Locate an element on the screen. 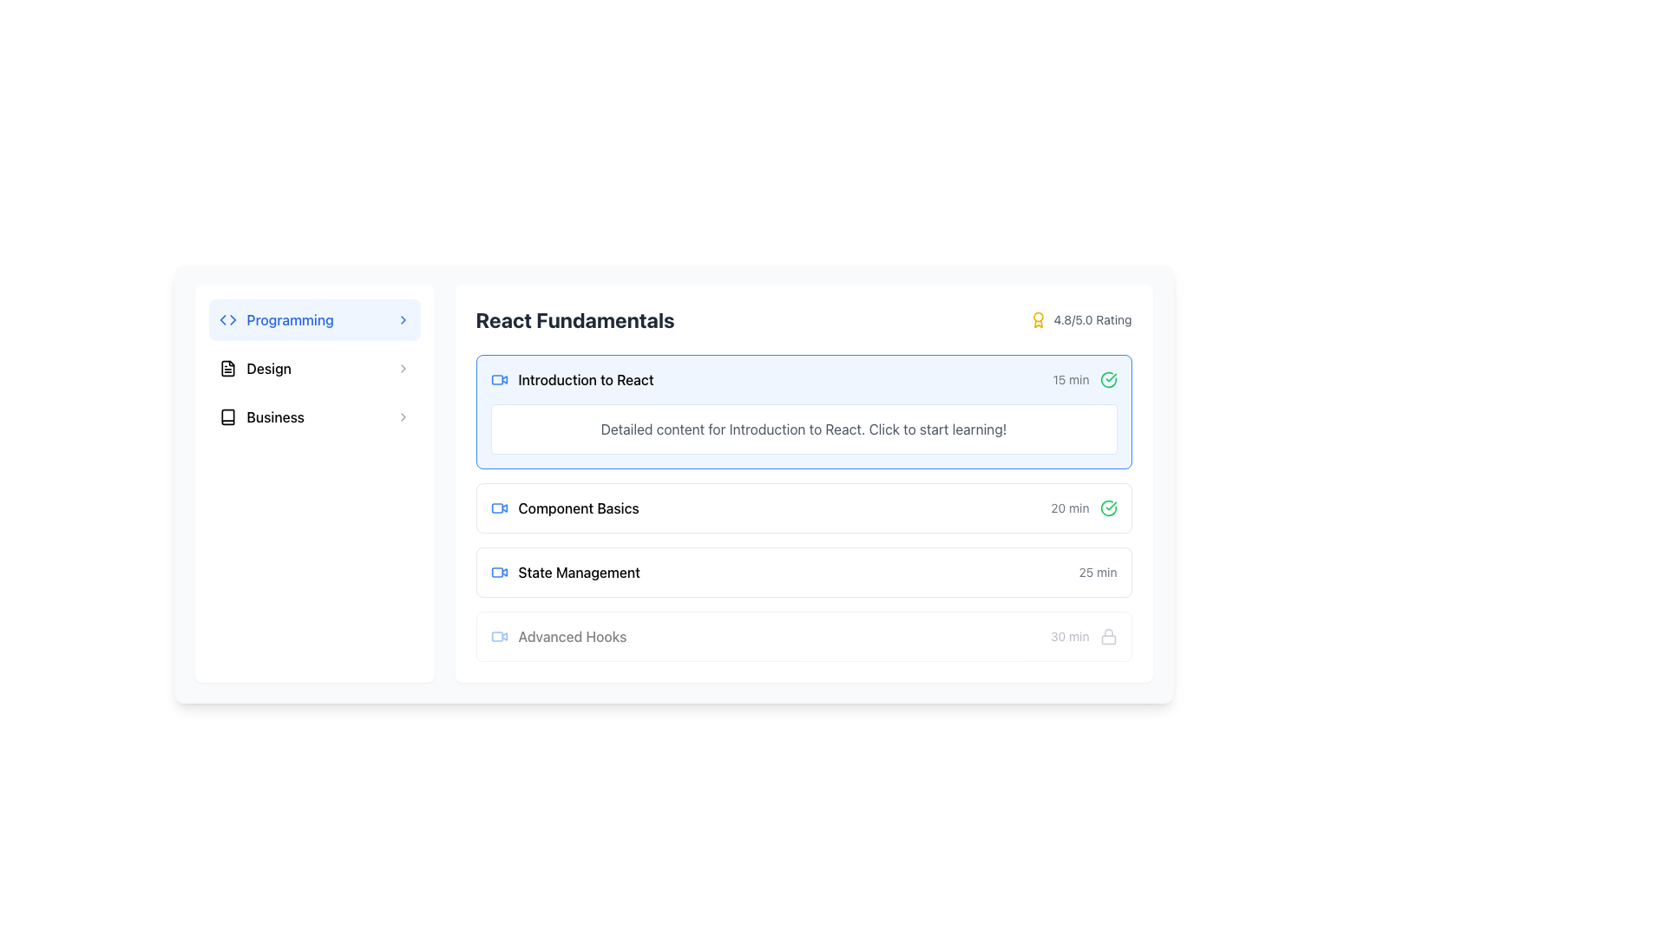 The image size is (1666, 937). text 'Detailed content for Introduction to React. Click to start learning!' located within the white card beneath the title 'Introduction to React' is located at coordinates (803, 429).